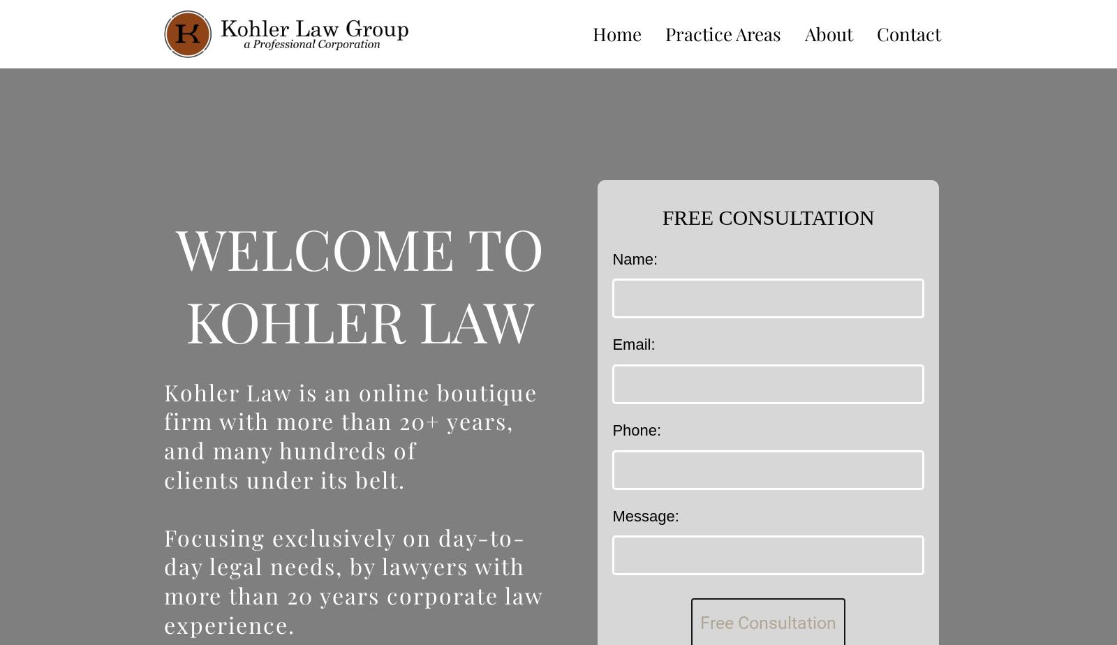 This screenshot has width=1117, height=645. Describe the element at coordinates (353, 580) in the screenshot. I see `'Focusing exclusively on day-to-day legal needs, by lawyers with more than 20 years corporate law experience.'` at that location.